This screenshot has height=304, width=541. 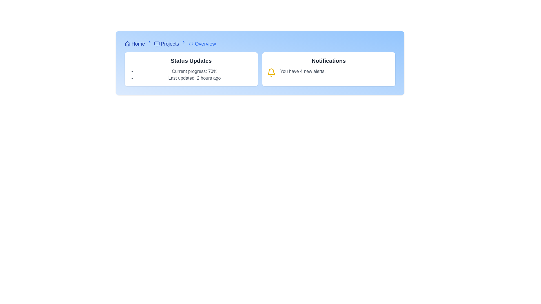 I want to click on the 'Projects' hyperlink in the breadcrumb navigation bar, so click(x=166, y=43).